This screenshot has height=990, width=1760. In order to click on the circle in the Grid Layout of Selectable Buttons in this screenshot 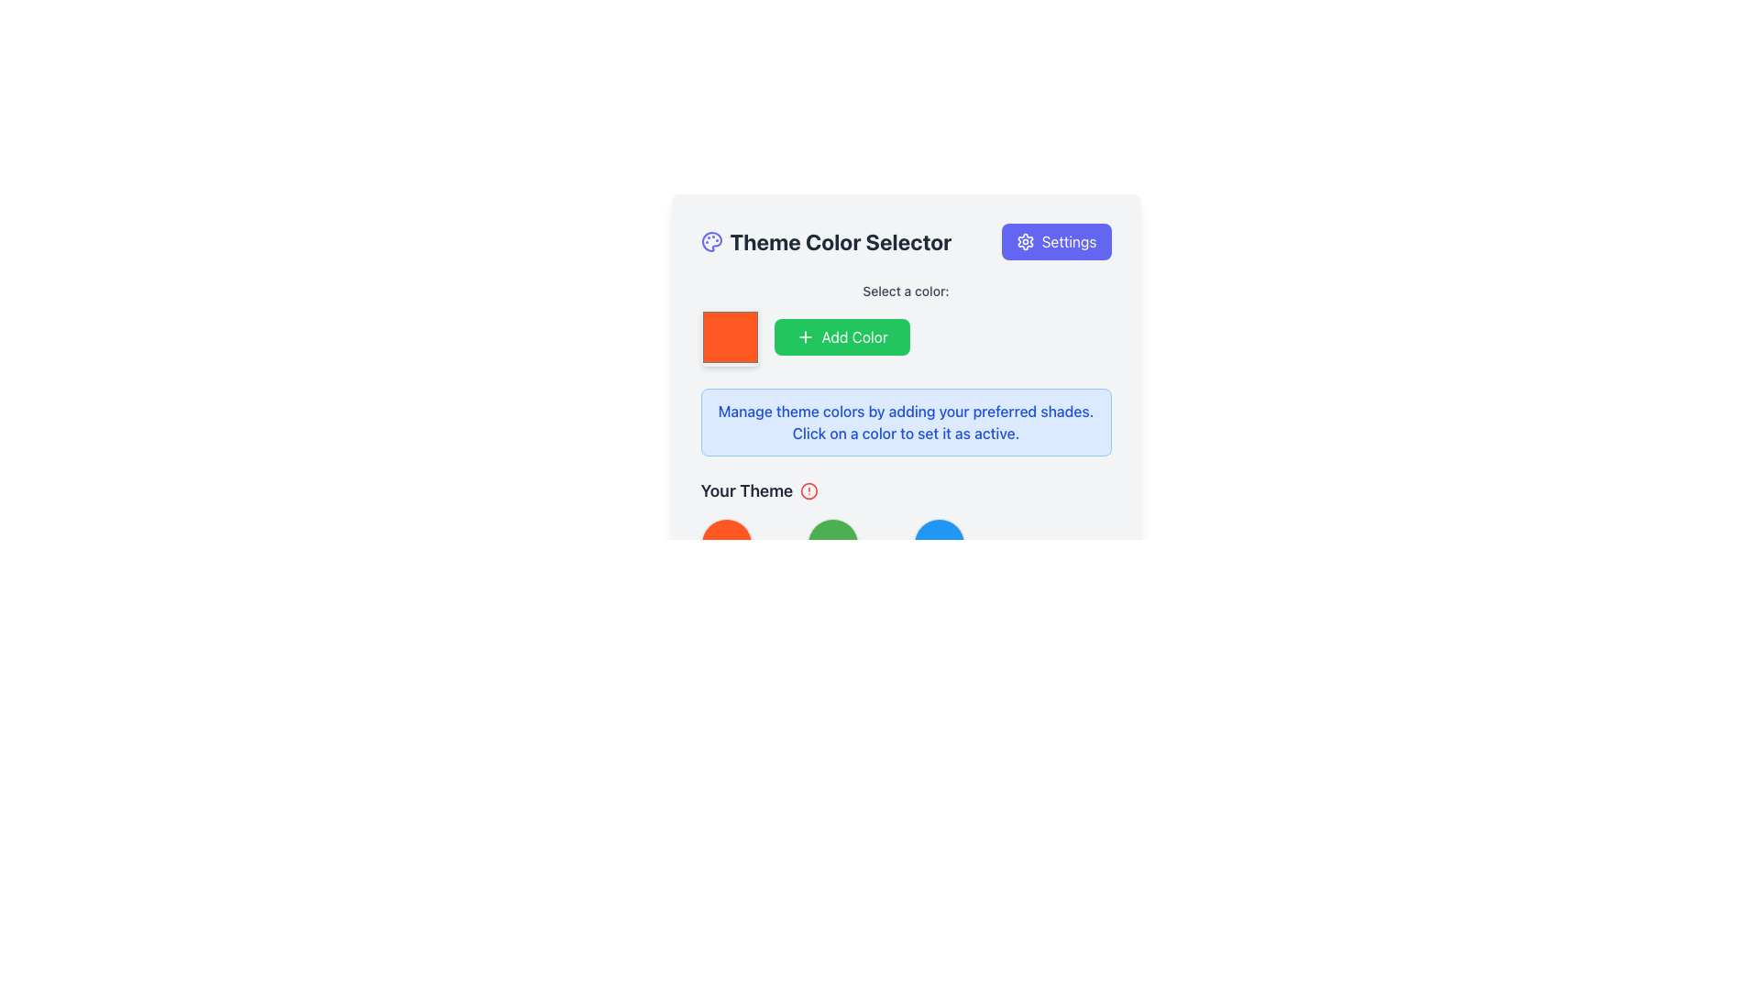, I will do `click(906, 544)`.